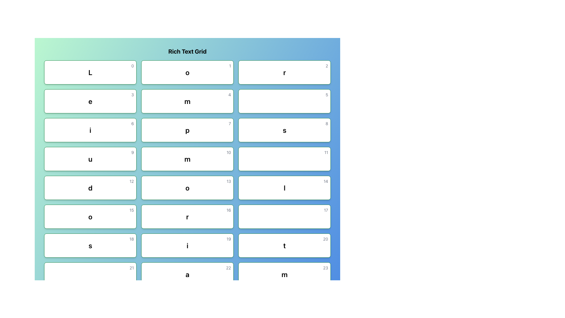 The image size is (565, 318). I want to click on the third tile in the third row of the grid layout, so click(90, 130).